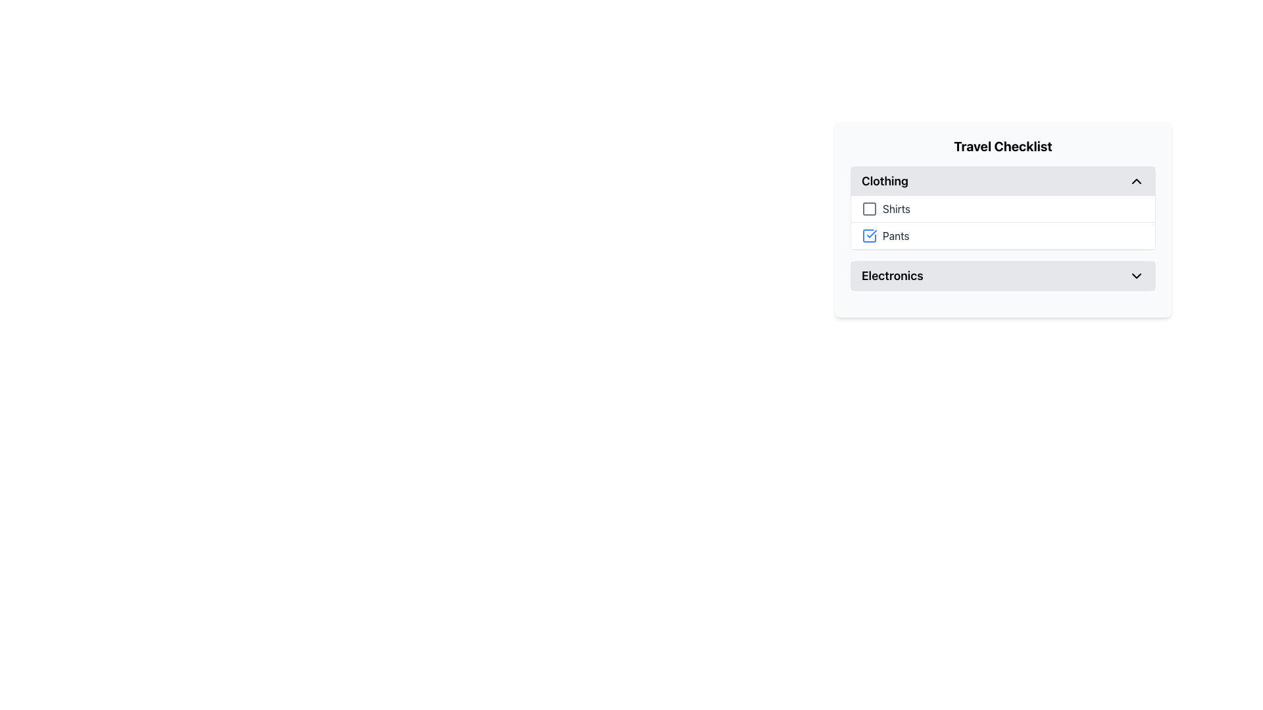 Image resolution: width=1263 pixels, height=710 pixels. Describe the element at coordinates (1136, 275) in the screenshot. I see `the downward-pointing chevron icon in the Electronics section` at that location.